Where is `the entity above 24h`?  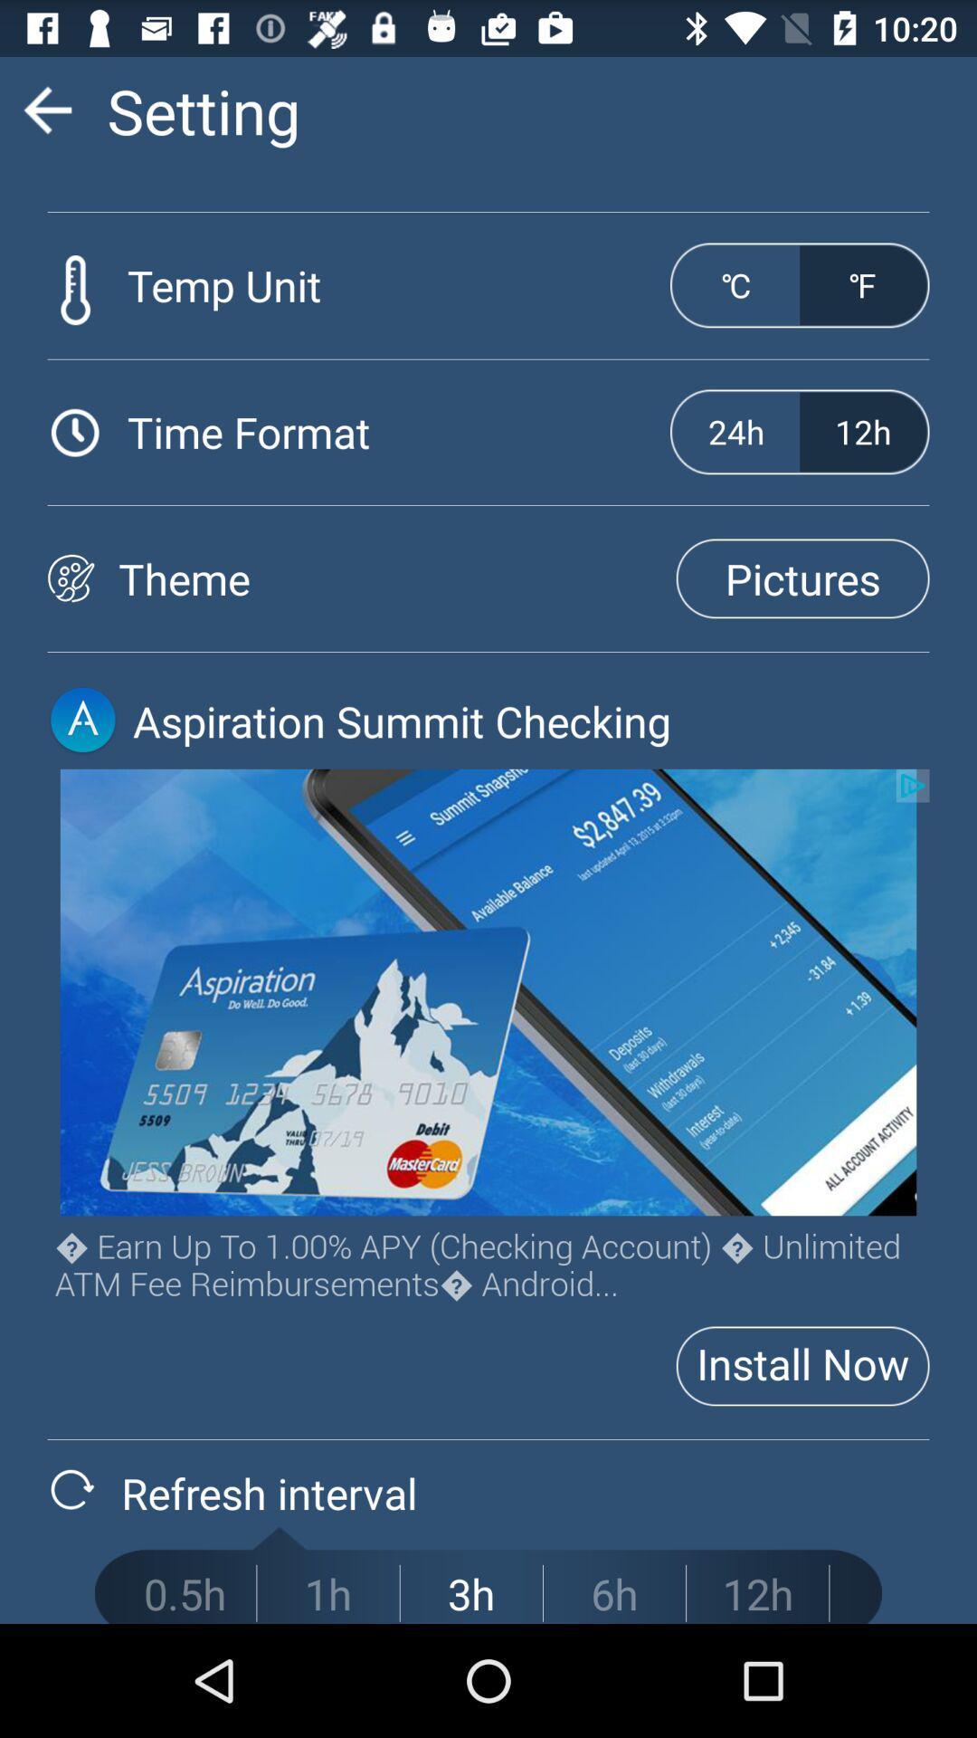 the entity above 24h is located at coordinates (735, 284).